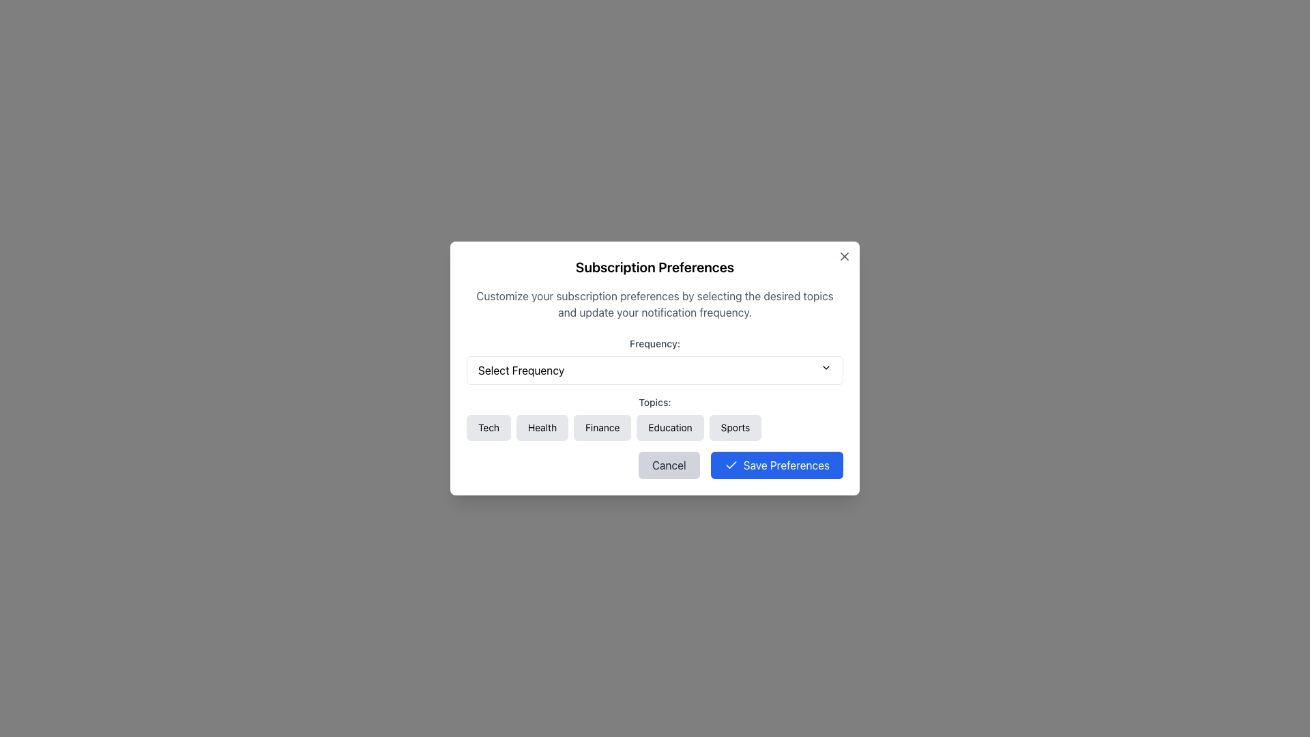 The height and width of the screenshot is (737, 1310). I want to click on the chevron icon located on the right side of the 'Select Frequency' dropdown menu, so click(825, 367).